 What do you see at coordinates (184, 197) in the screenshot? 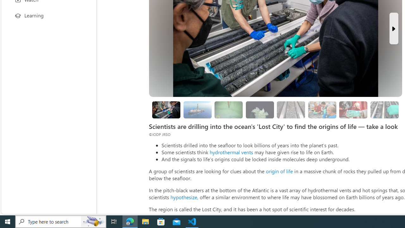
I see `'hypothesize,'` at bounding box center [184, 197].